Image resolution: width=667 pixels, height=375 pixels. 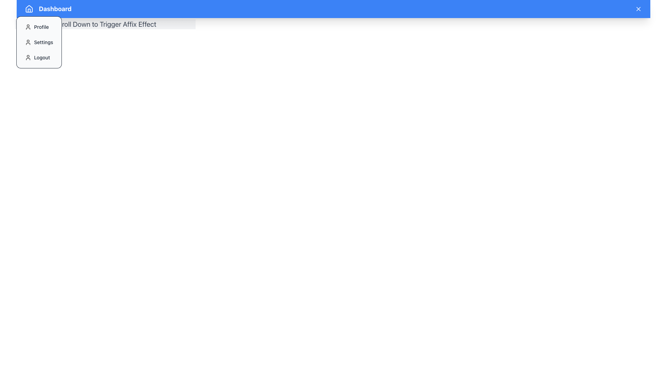 I want to click on static text label that says 'Scroll Down to Trigger Affix Effect', which is centrally located beneath the blue header and to the right of the vertical menu, so click(x=105, y=24).